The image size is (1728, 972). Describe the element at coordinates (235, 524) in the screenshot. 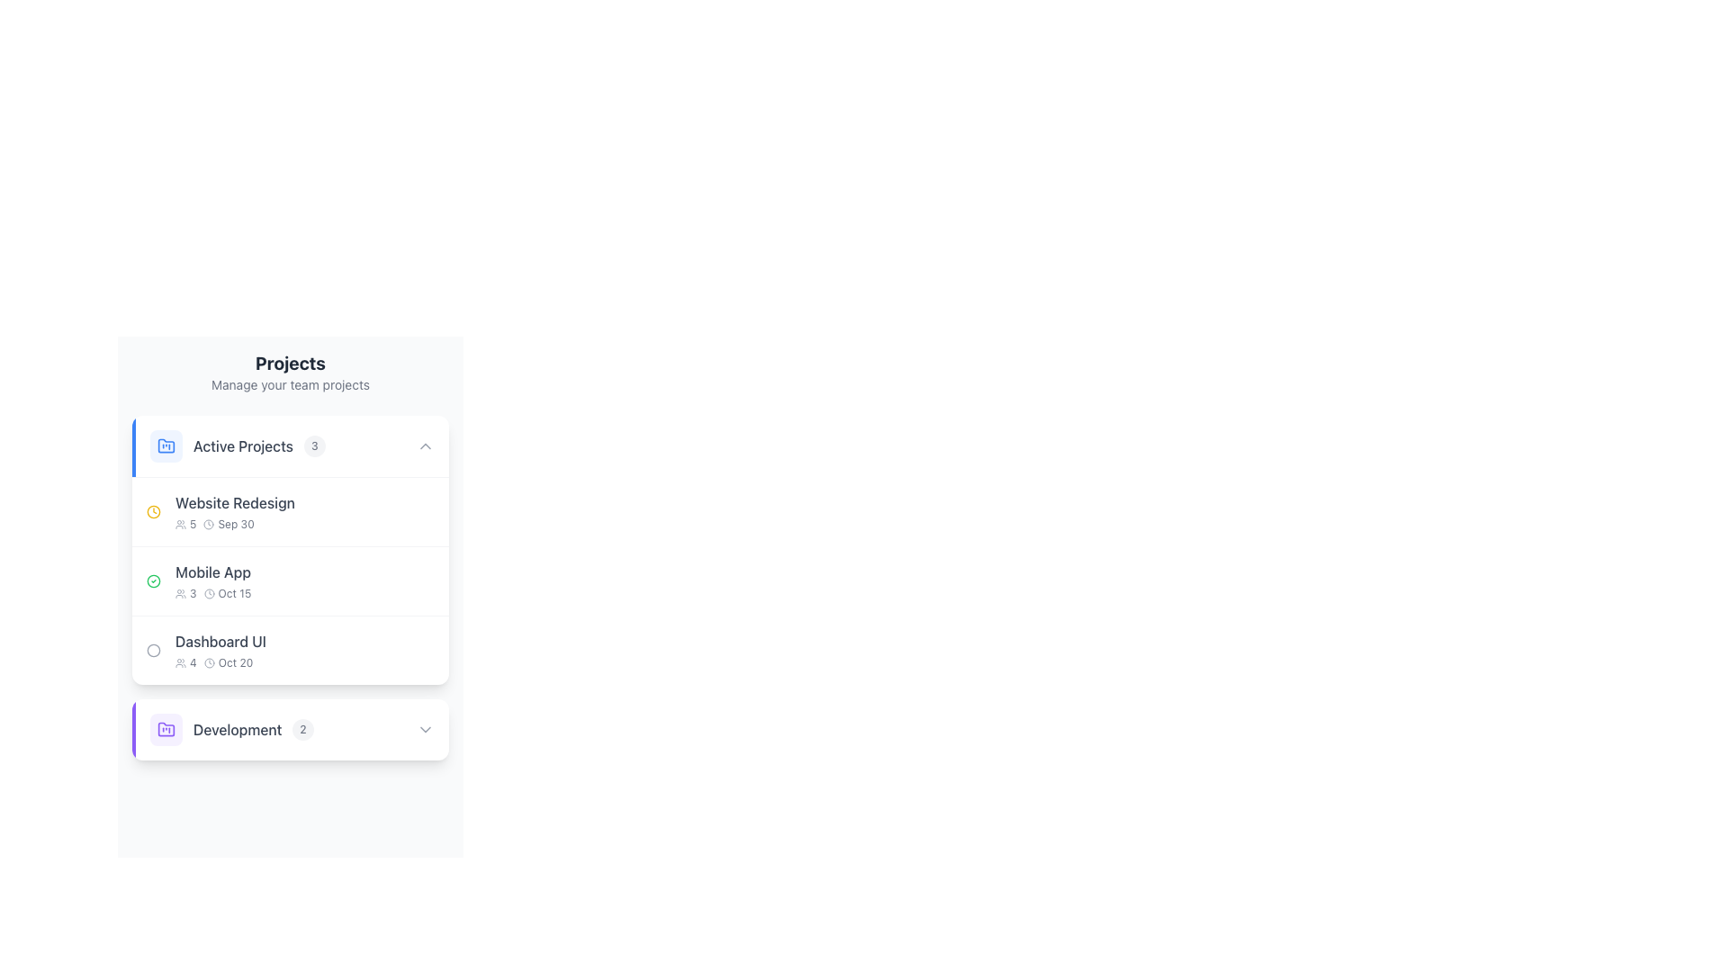

I see `date 'Sep 30' displayed in small gray text located to the right of a clock icon` at that location.